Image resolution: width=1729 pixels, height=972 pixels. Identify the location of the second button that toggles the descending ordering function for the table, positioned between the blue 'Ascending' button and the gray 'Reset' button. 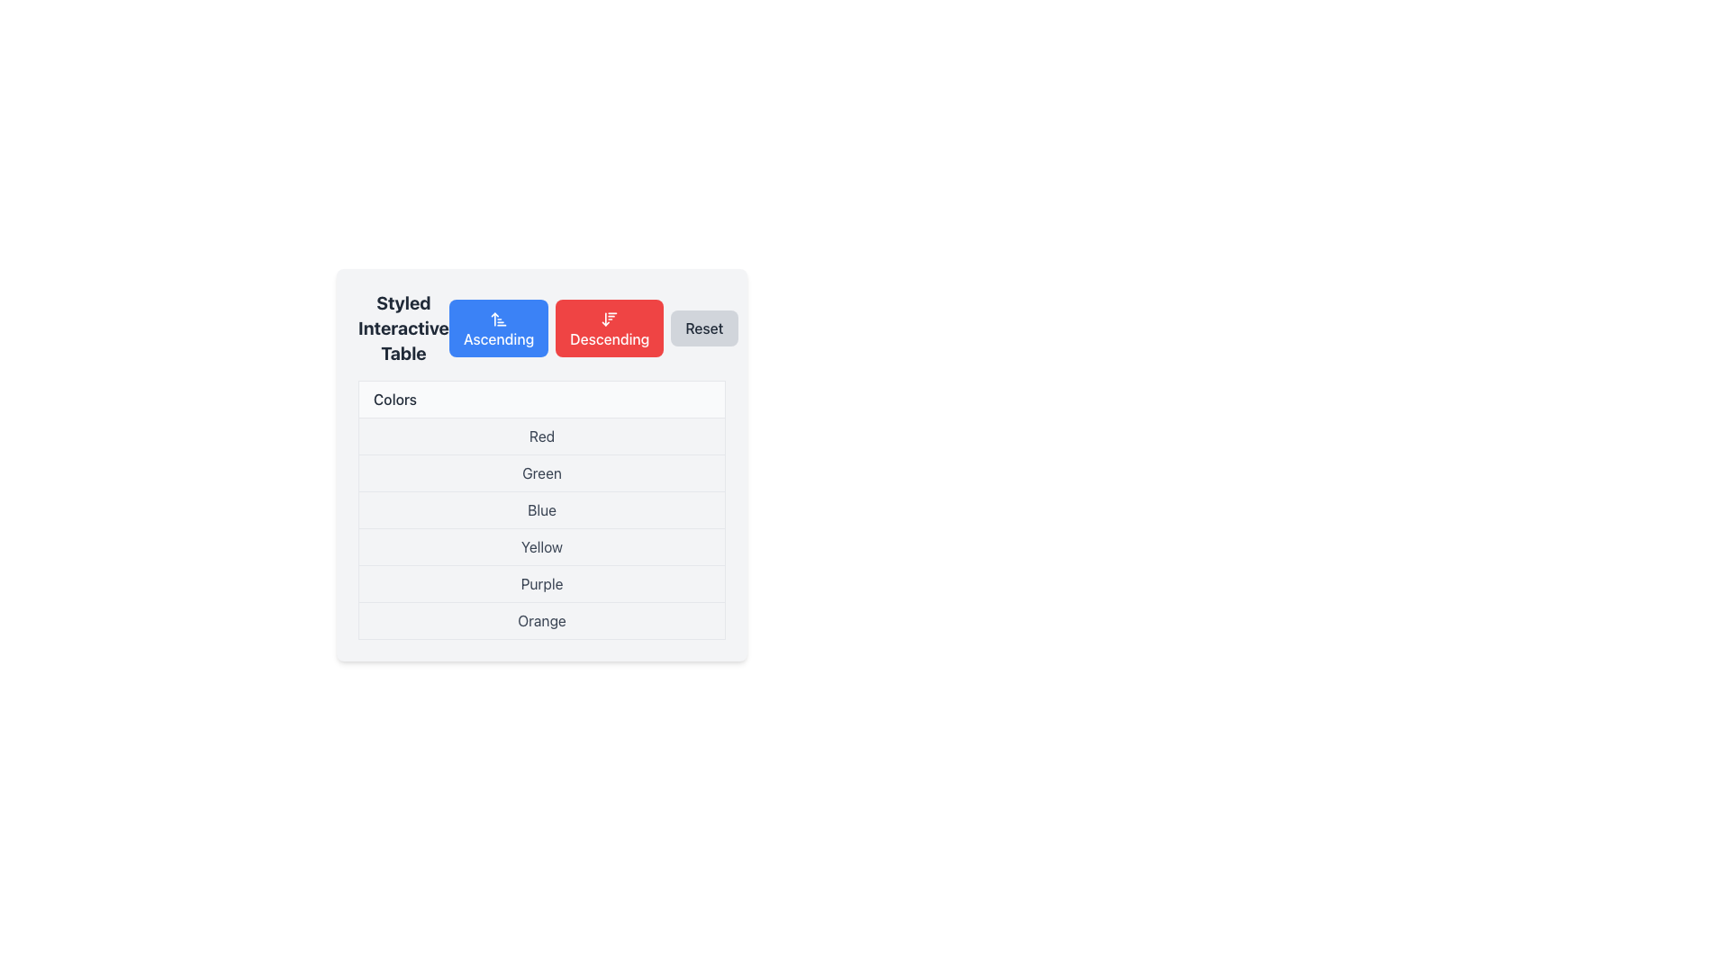
(610, 328).